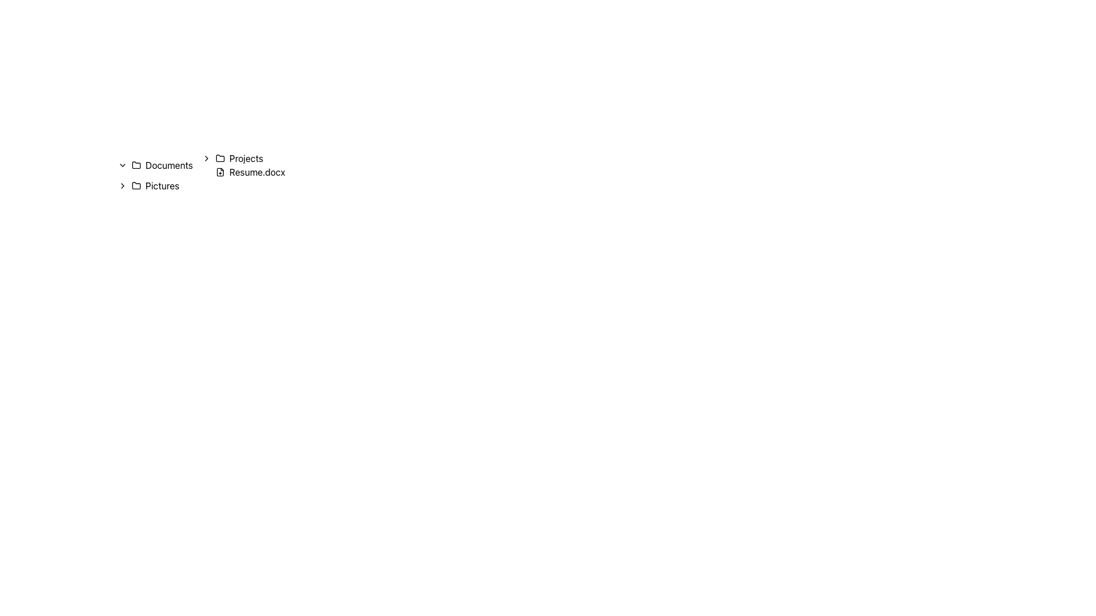  Describe the element at coordinates (123, 185) in the screenshot. I see `the icon located to the left of the text 'Pictures'` at that location.